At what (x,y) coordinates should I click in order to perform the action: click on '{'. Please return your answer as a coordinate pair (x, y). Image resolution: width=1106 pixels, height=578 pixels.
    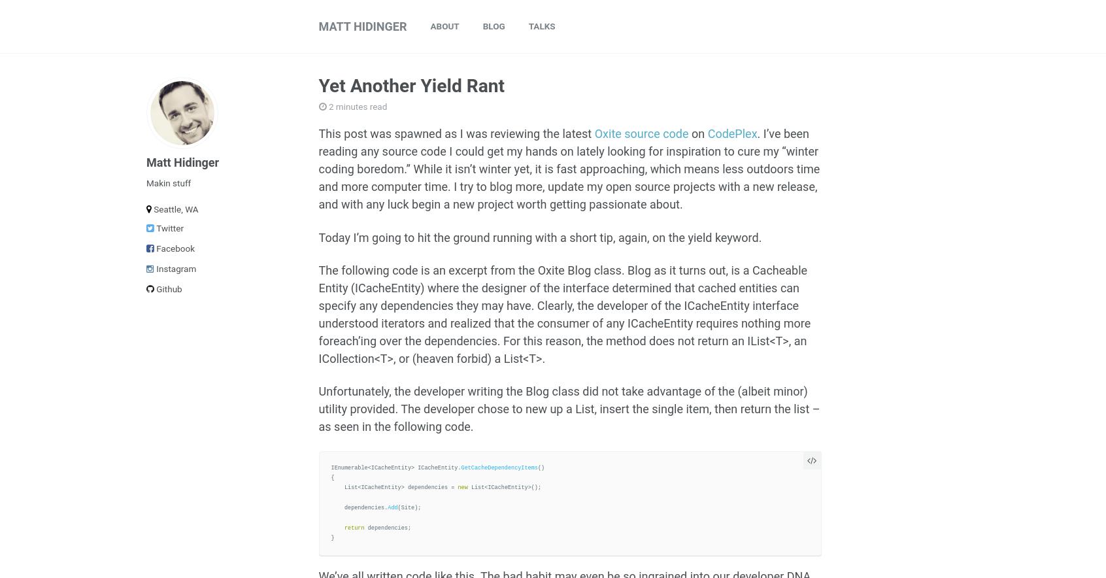
    Looking at the image, I should click on (332, 477).